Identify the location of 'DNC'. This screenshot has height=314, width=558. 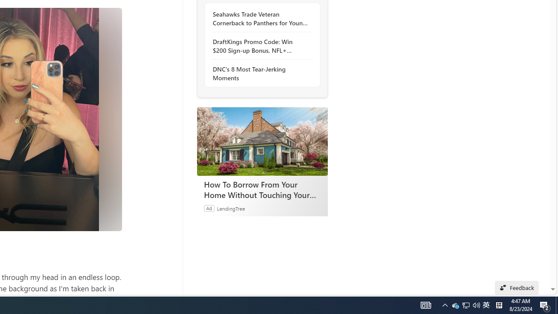
(259, 73).